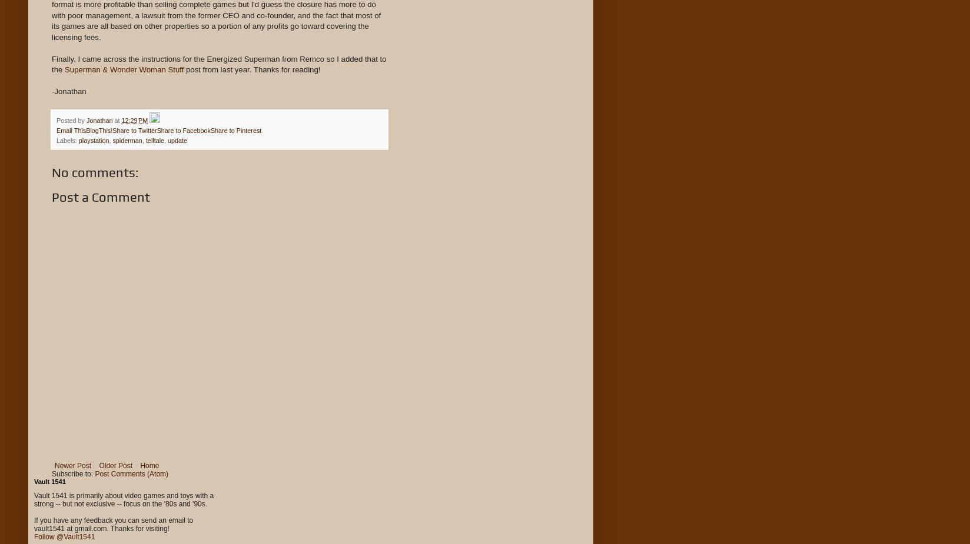  Describe the element at coordinates (113, 524) in the screenshot. I see `'If you have any feedback you can send an email to vault1541 at gmail.com. Thanks for visiting!'` at that location.